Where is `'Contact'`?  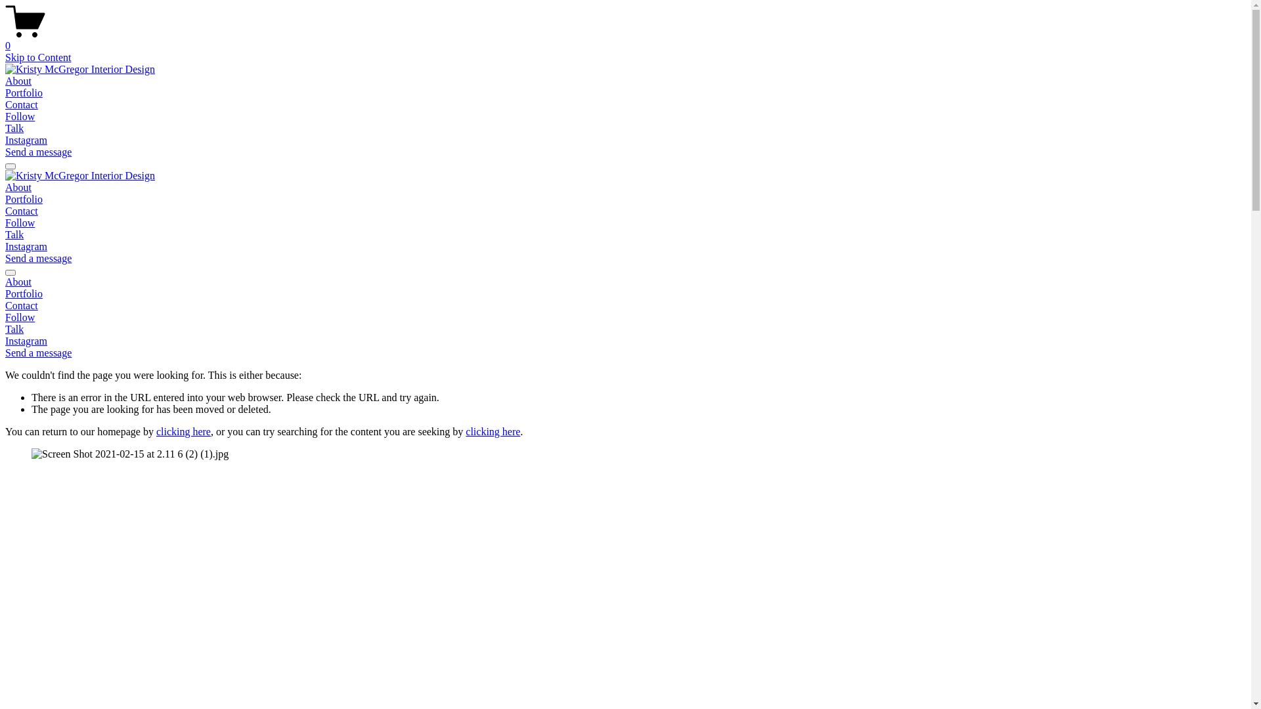
'Contact' is located at coordinates (22, 104).